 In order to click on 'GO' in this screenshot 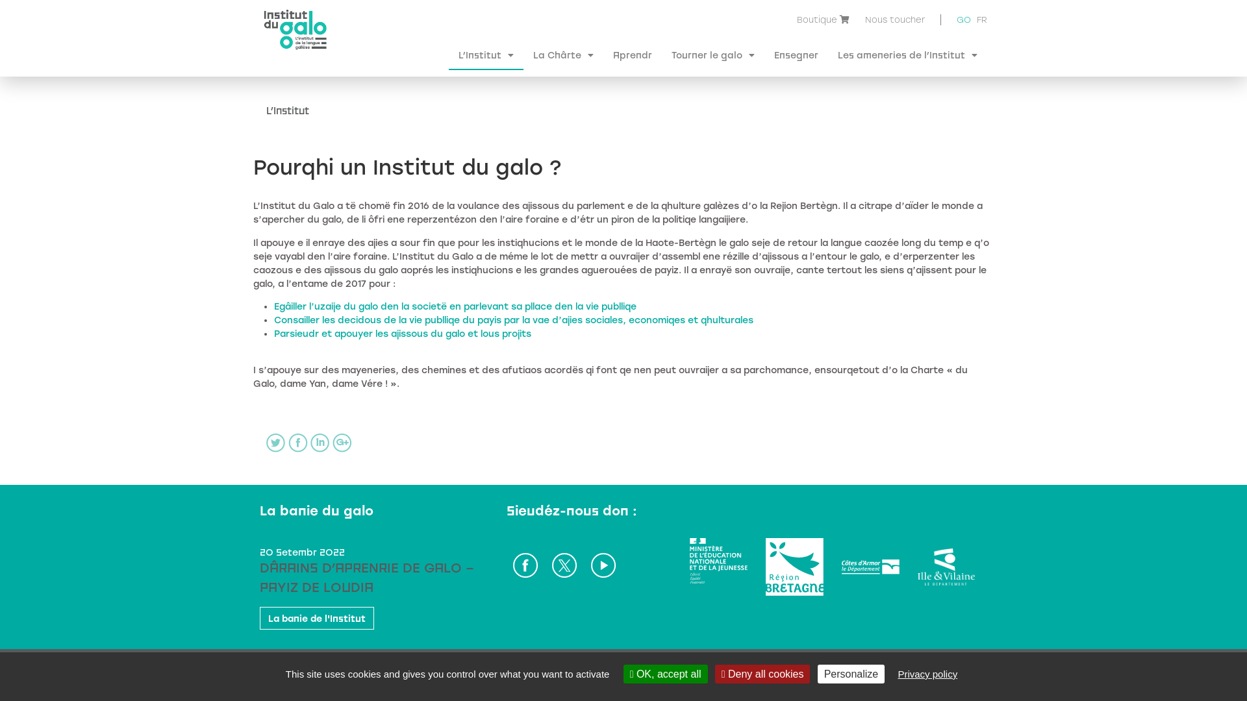, I will do `click(963, 21)`.